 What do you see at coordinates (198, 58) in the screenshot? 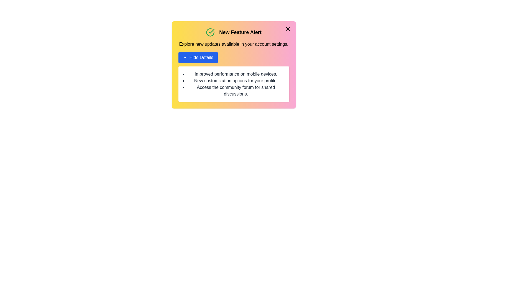
I see `the 'Hide Details' button to toggle the visibility of additional details` at bounding box center [198, 58].